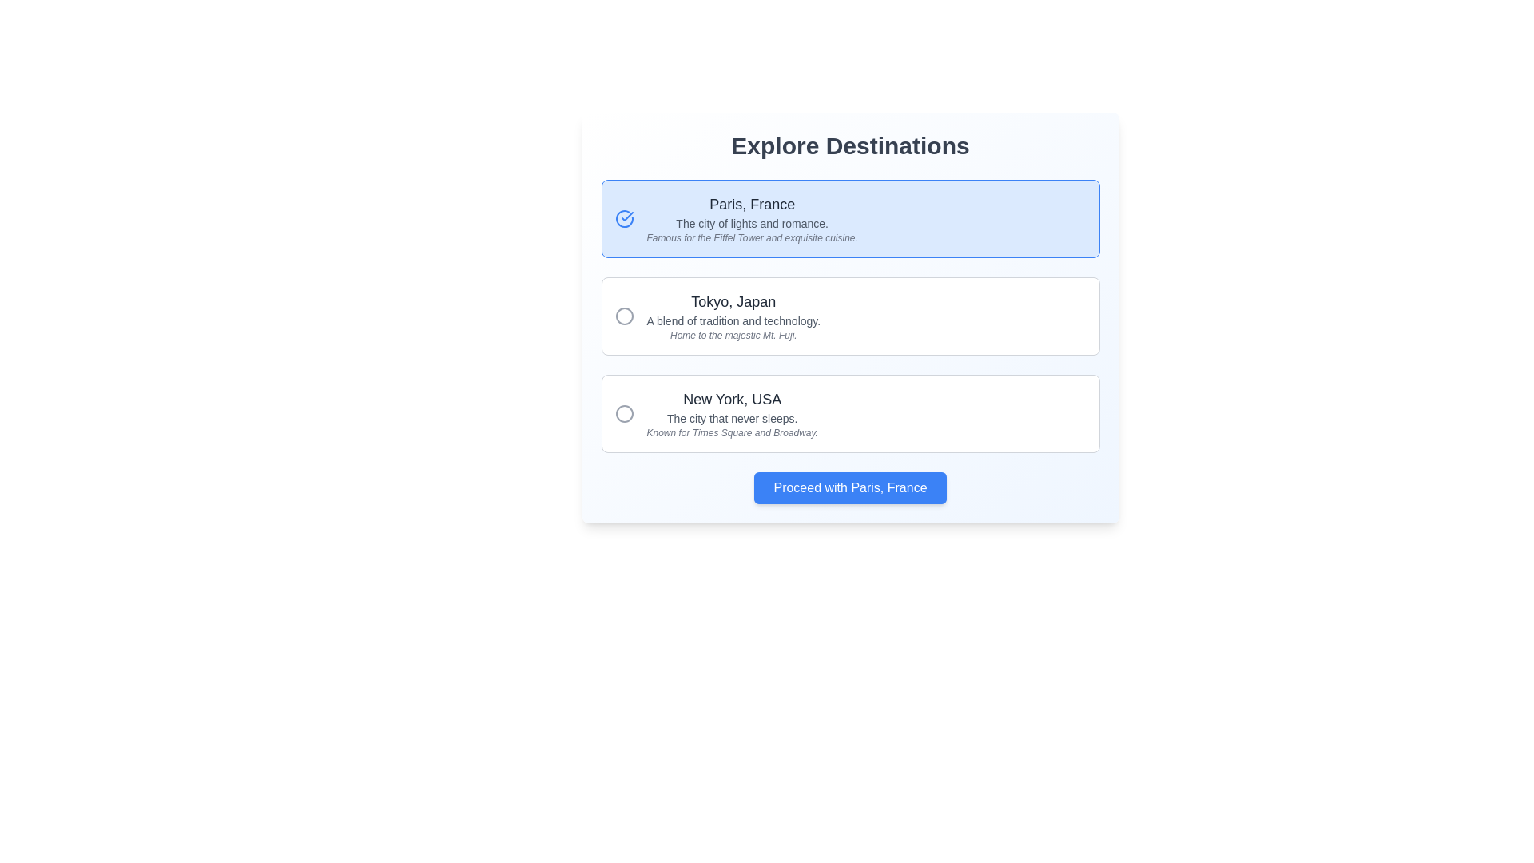 This screenshot has width=1534, height=863. I want to click on the static text label providing descriptive information about New York, USA, located below the text elements 'New York, USA' and 'The city that never sleeps.', so click(731, 433).